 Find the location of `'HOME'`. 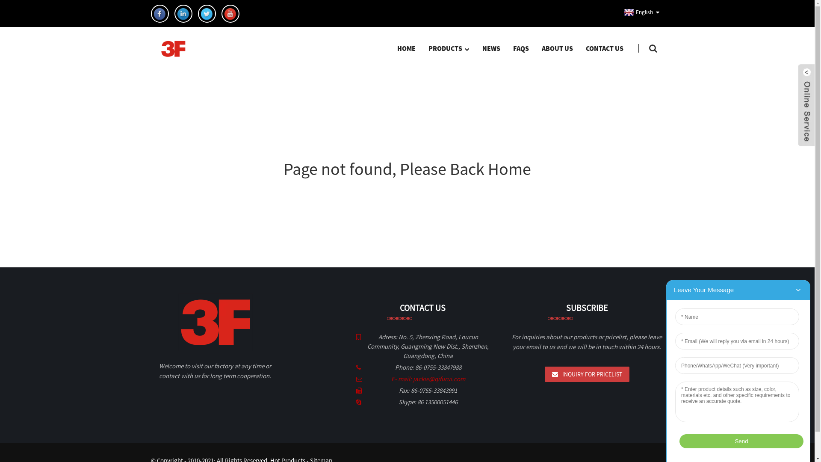

'HOME' is located at coordinates (406, 48).